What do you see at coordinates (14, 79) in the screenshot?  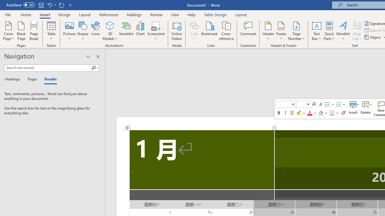 I see `'Headings'` at bounding box center [14, 79].